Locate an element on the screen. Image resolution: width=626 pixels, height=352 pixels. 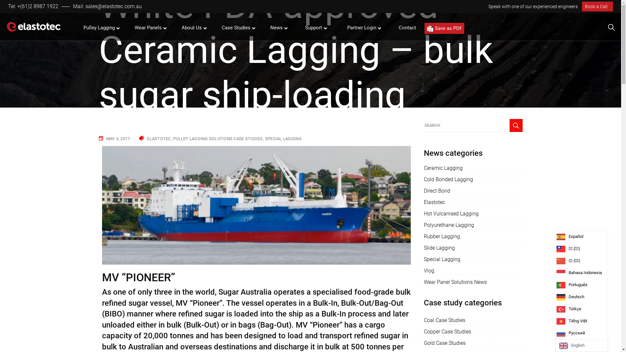
'Deutsch' is located at coordinates (584, 297).